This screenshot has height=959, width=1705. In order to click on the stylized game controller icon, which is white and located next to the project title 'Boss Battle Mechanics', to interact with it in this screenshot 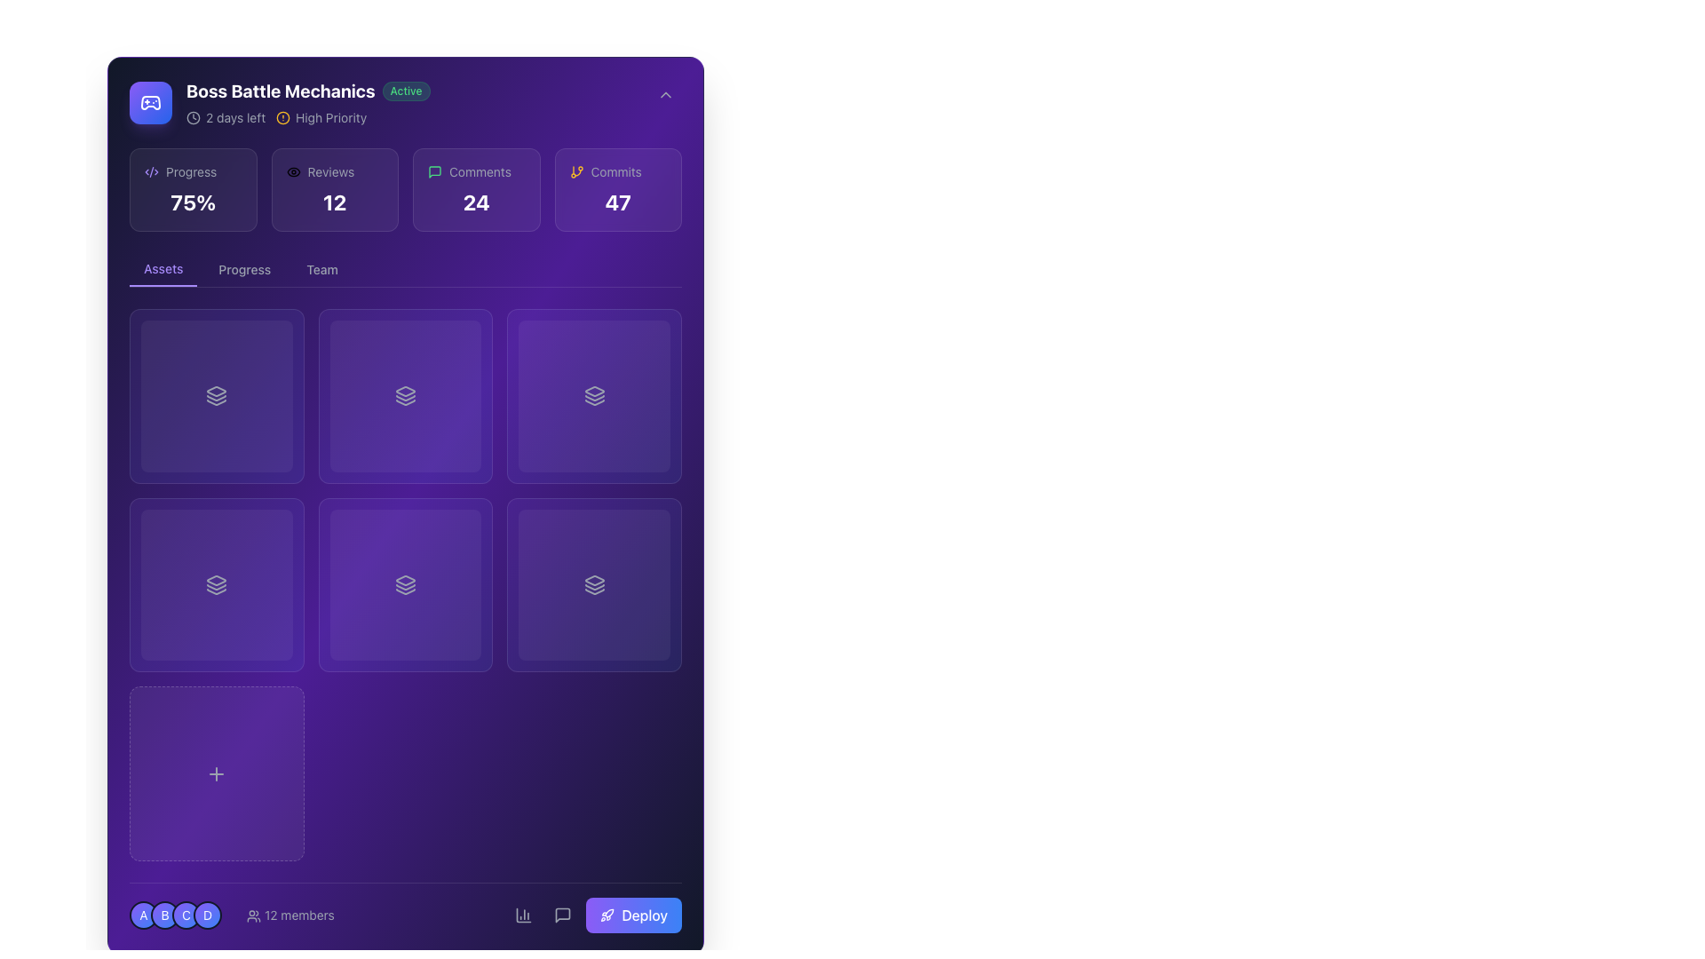, I will do `click(150, 102)`.